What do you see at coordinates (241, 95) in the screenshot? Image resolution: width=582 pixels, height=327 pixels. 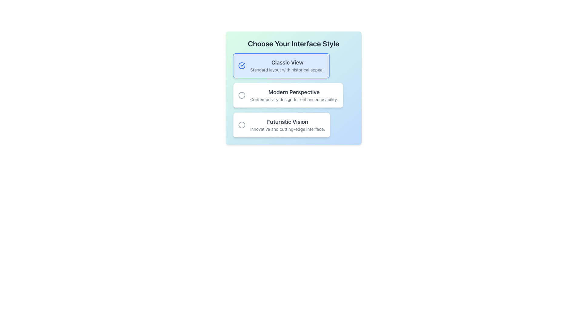 I see `the SVG circle that represents the selected state of the middle option in a vertical list of three choices in the interface modal` at bounding box center [241, 95].